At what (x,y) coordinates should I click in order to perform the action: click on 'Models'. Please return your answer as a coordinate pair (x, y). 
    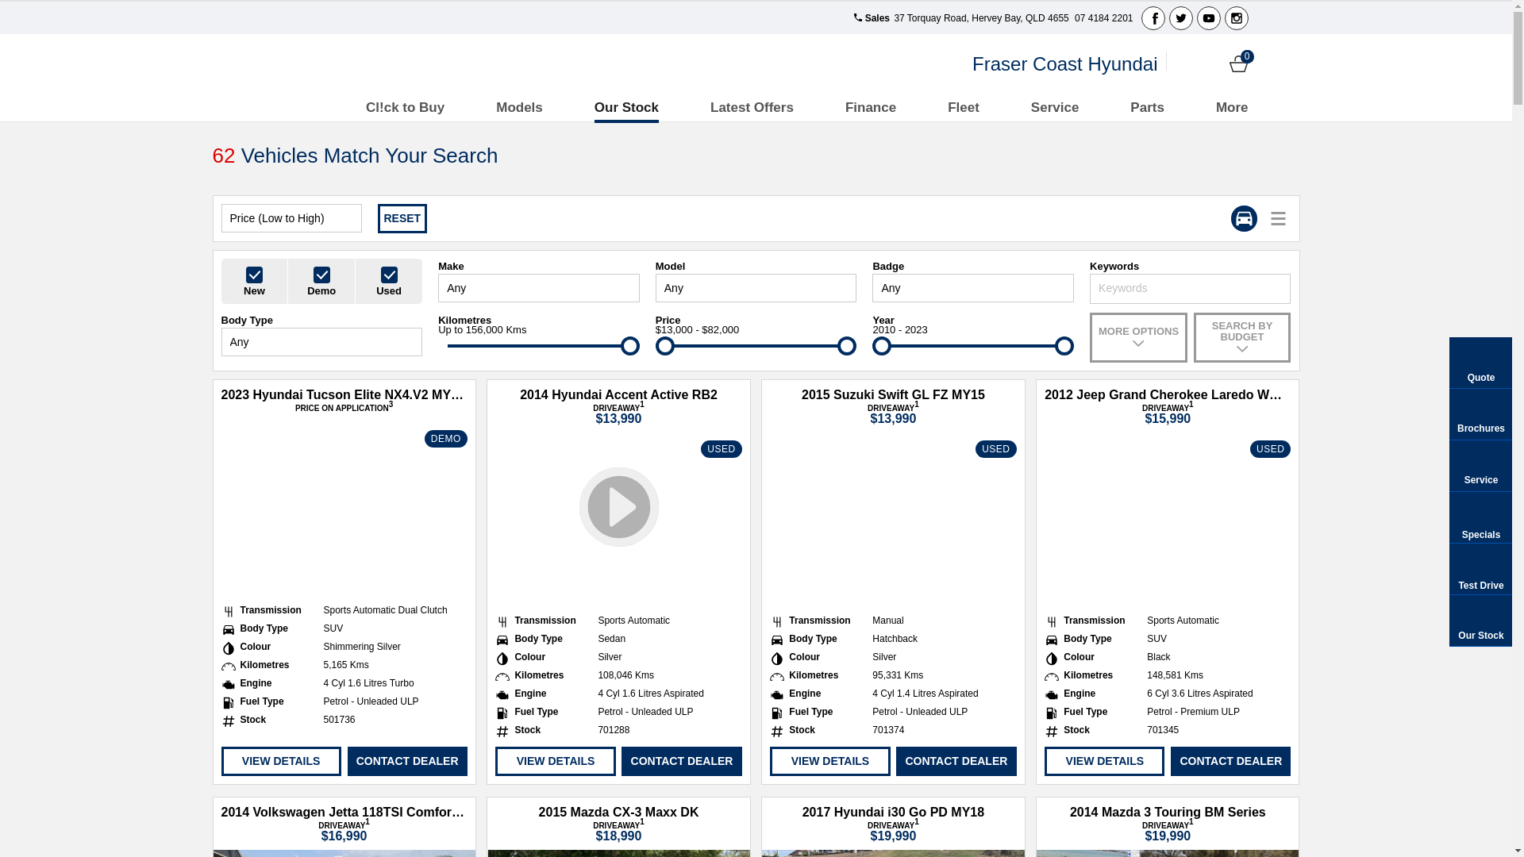
    Looking at the image, I should click on (495, 107).